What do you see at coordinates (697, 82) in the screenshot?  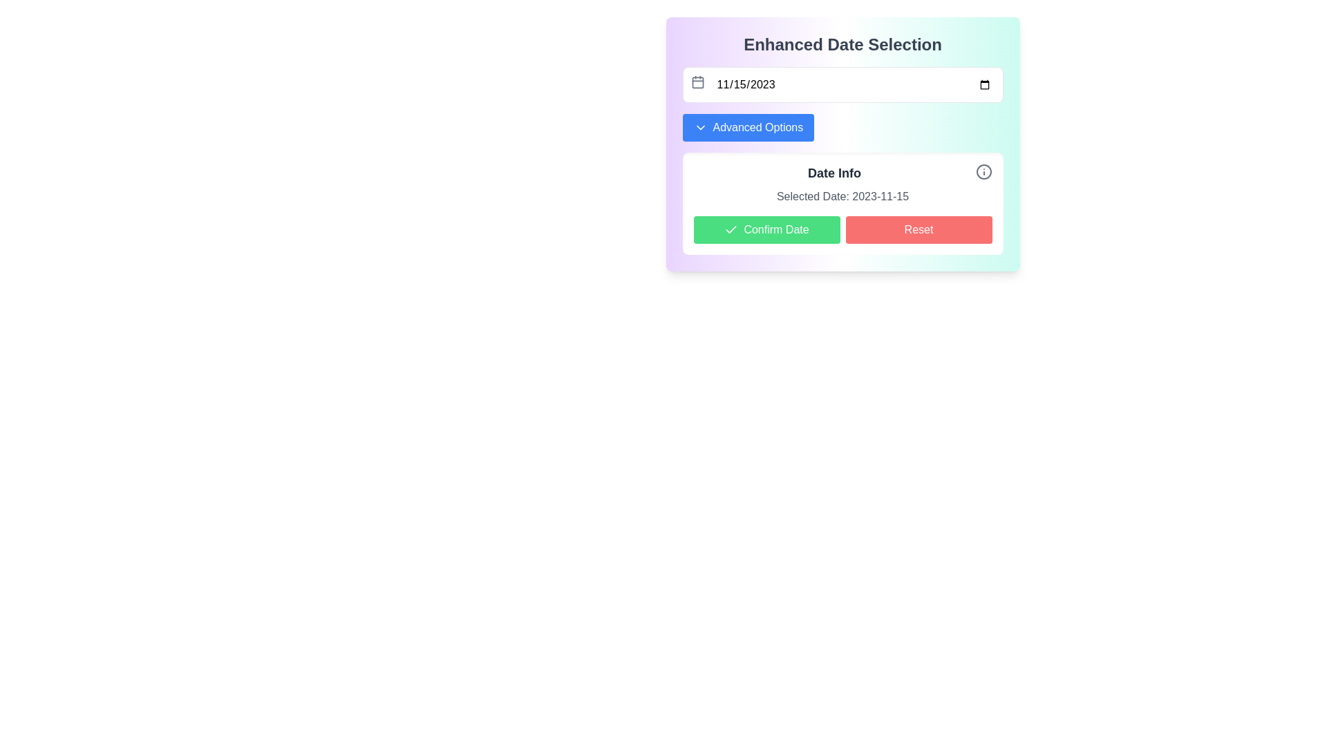 I see `the grayscale calendar icon located at the left side of the date input field` at bounding box center [697, 82].